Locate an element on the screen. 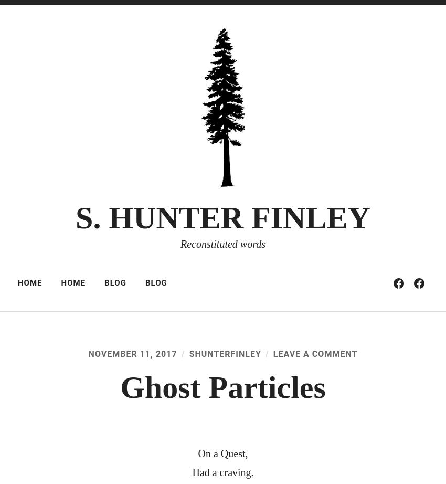  'S. HUNTER FINLEY' is located at coordinates (222, 217).